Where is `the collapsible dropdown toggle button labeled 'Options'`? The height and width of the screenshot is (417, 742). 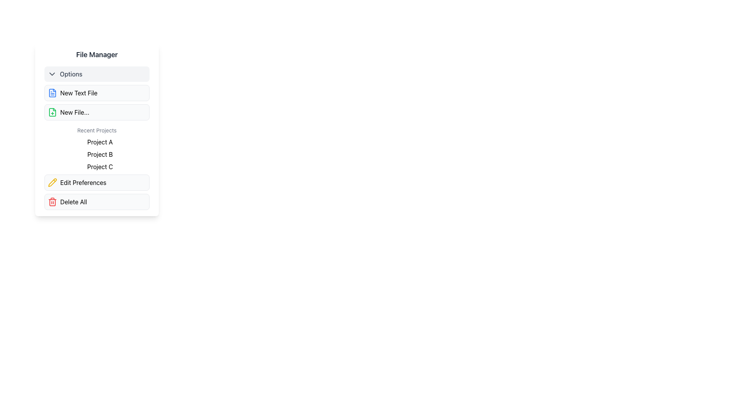 the collapsible dropdown toggle button labeled 'Options' is located at coordinates (96, 74).